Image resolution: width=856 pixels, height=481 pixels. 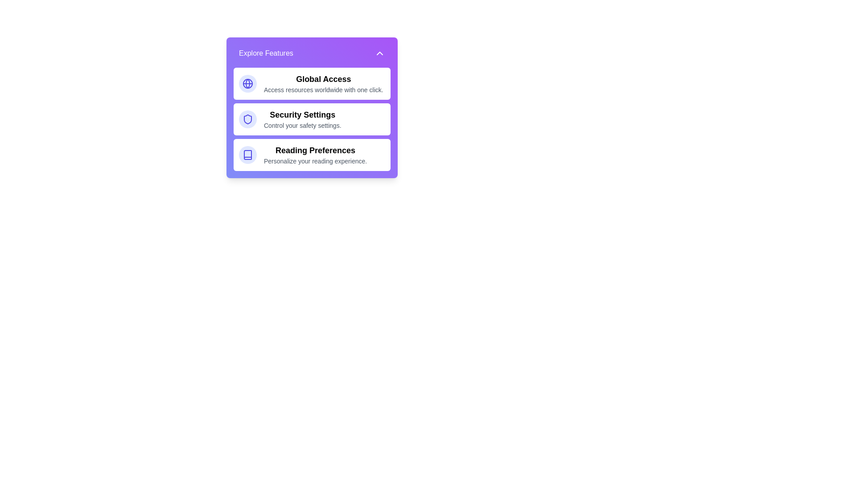 What do you see at coordinates (323, 90) in the screenshot?
I see `informational text about the 'Global Access' feature located below the section title in the first card of the vertically stacked layout` at bounding box center [323, 90].